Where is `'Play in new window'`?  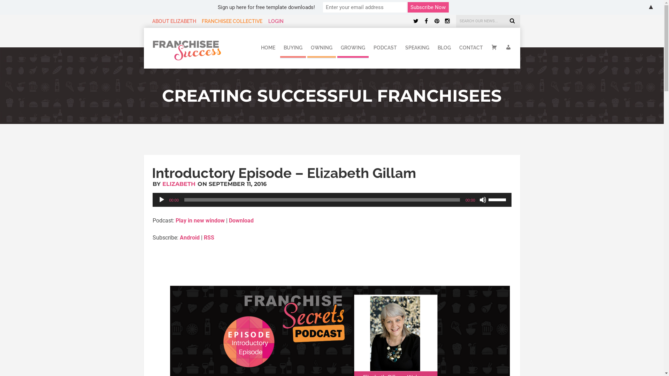
'Play in new window' is located at coordinates (200, 220).